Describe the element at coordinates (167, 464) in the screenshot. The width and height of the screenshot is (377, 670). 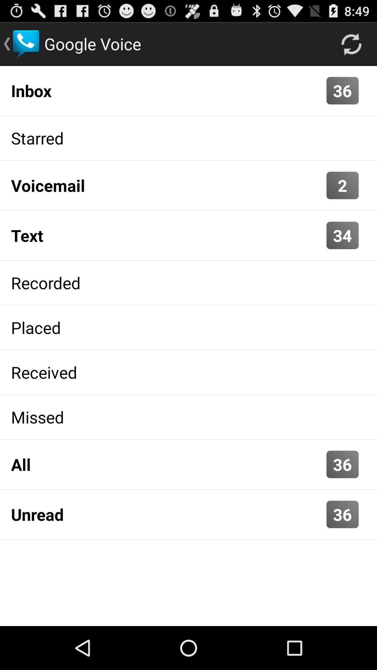
I see `the icon above 36 app` at that location.